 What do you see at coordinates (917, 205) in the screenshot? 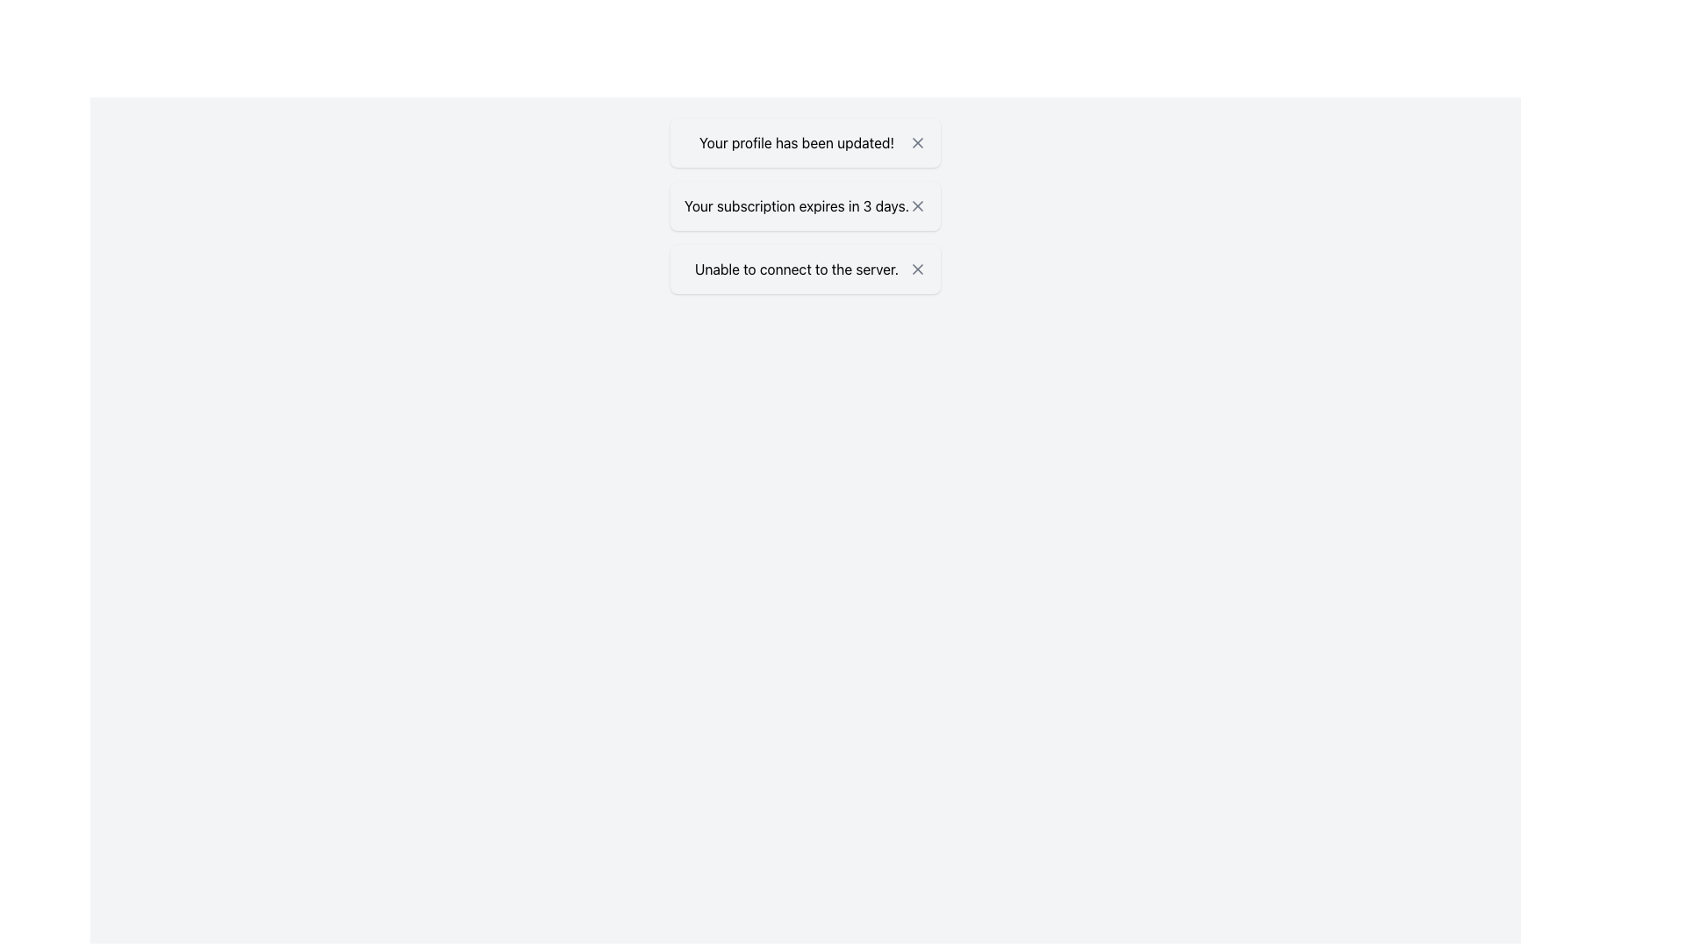
I see `the close button of the second notification box that contains the message 'Your subscription expires in 3 days.'` at bounding box center [917, 205].